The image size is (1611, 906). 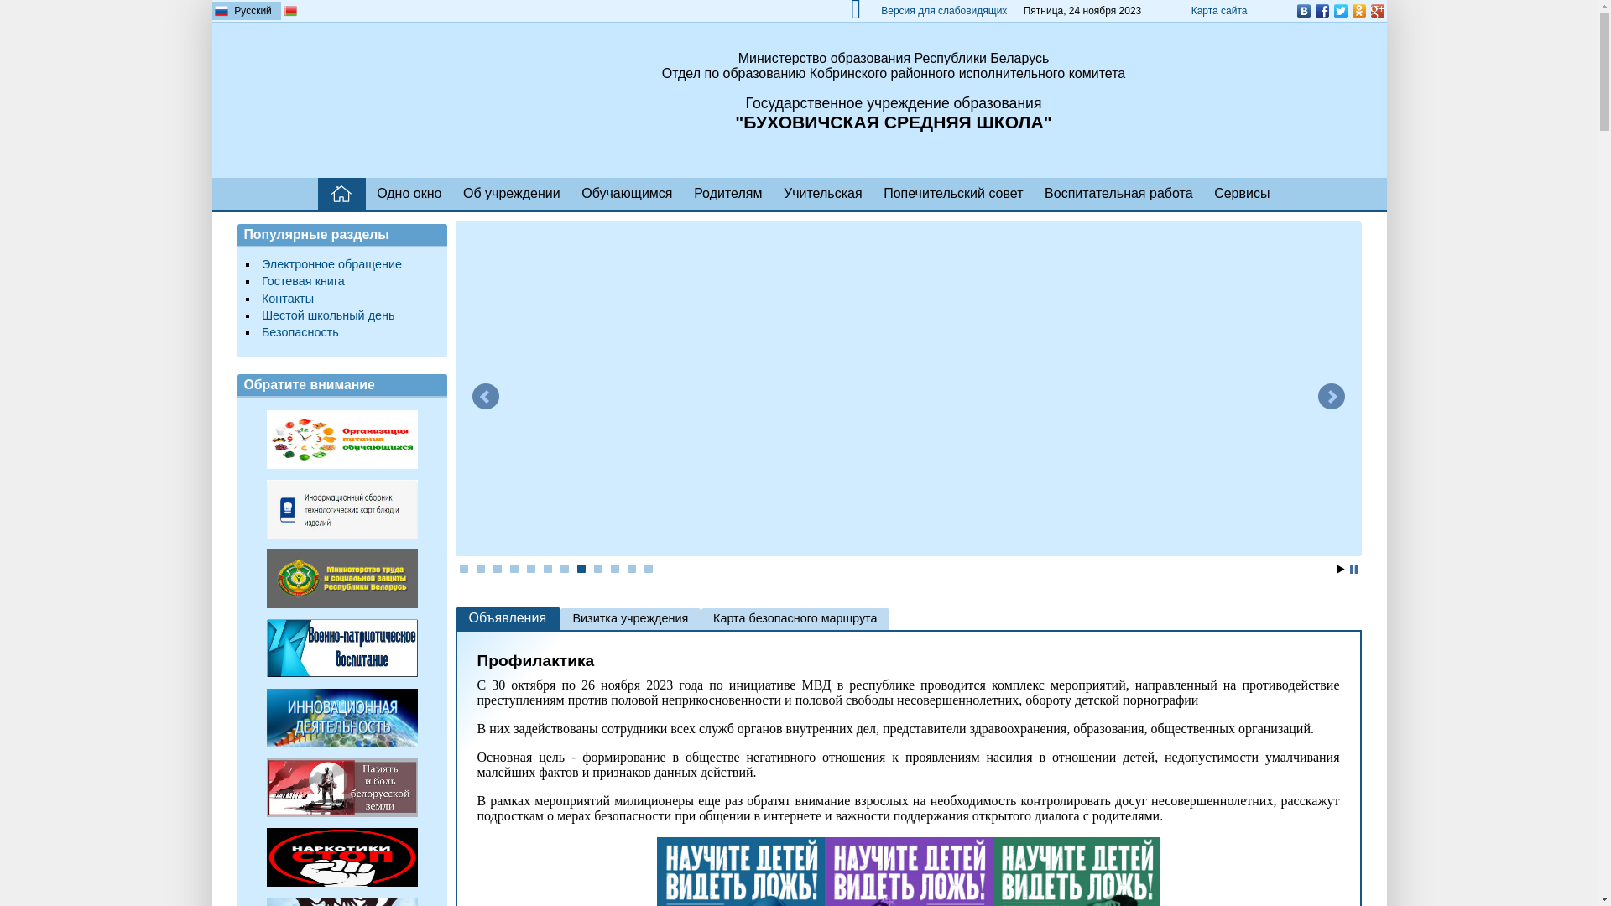 I want to click on '11', so click(x=631, y=568).